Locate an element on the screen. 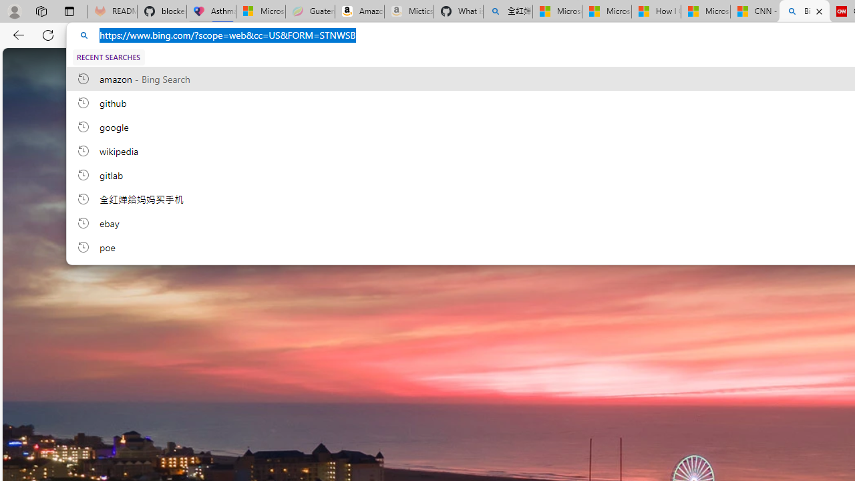  'Asthma Inhalers: Names and Types' is located at coordinates (210, 11).